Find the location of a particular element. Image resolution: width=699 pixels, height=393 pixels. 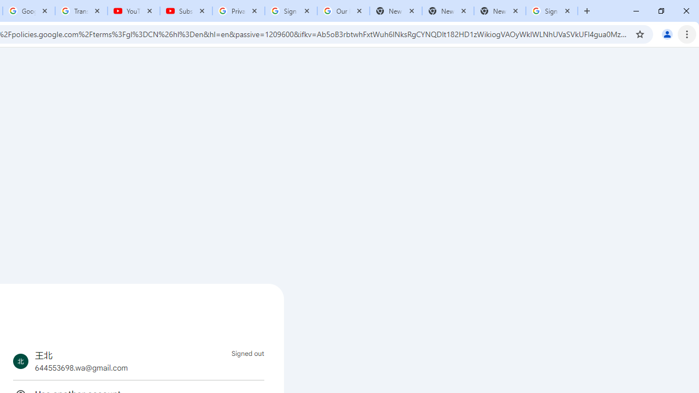

'Subscriptions - YouTube' is located at coordinates (186, 11).